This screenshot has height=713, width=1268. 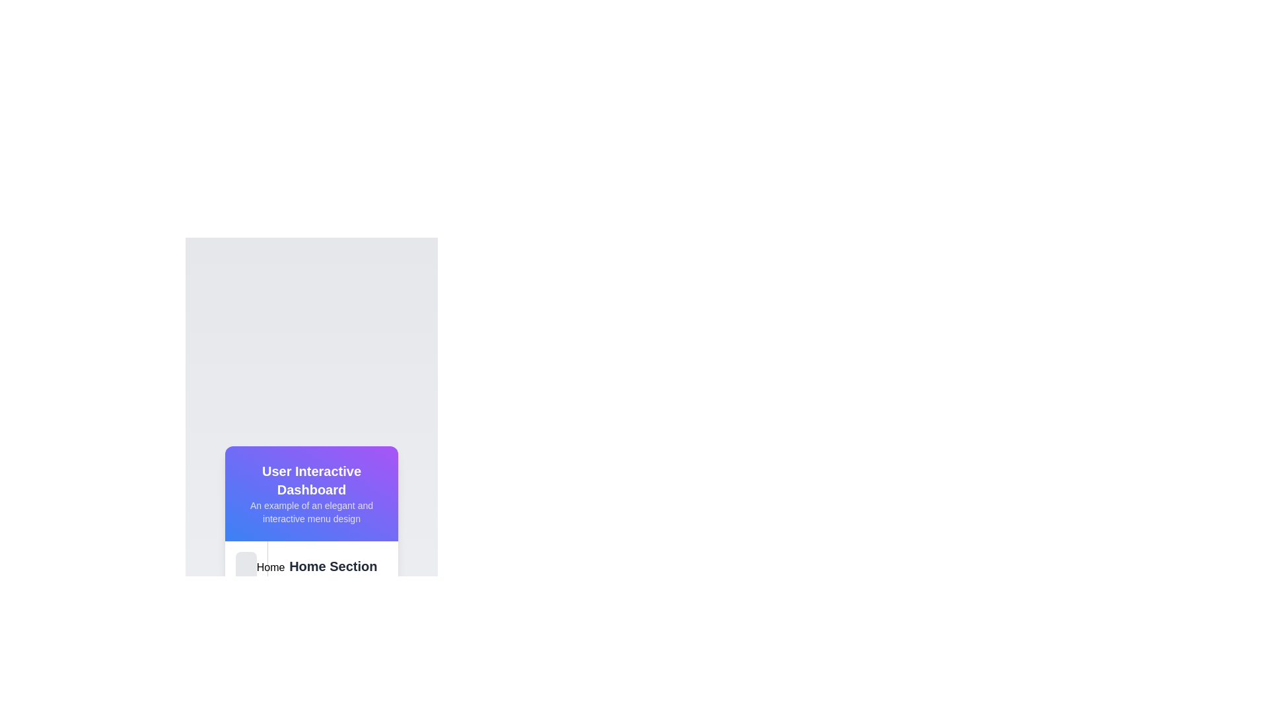 I want to click on the Header box that displays a gradient background with the title 'User Interactive Dashboard' and the description 'An example of an elegant and interactive menu design.', so click(x=310, y=494).